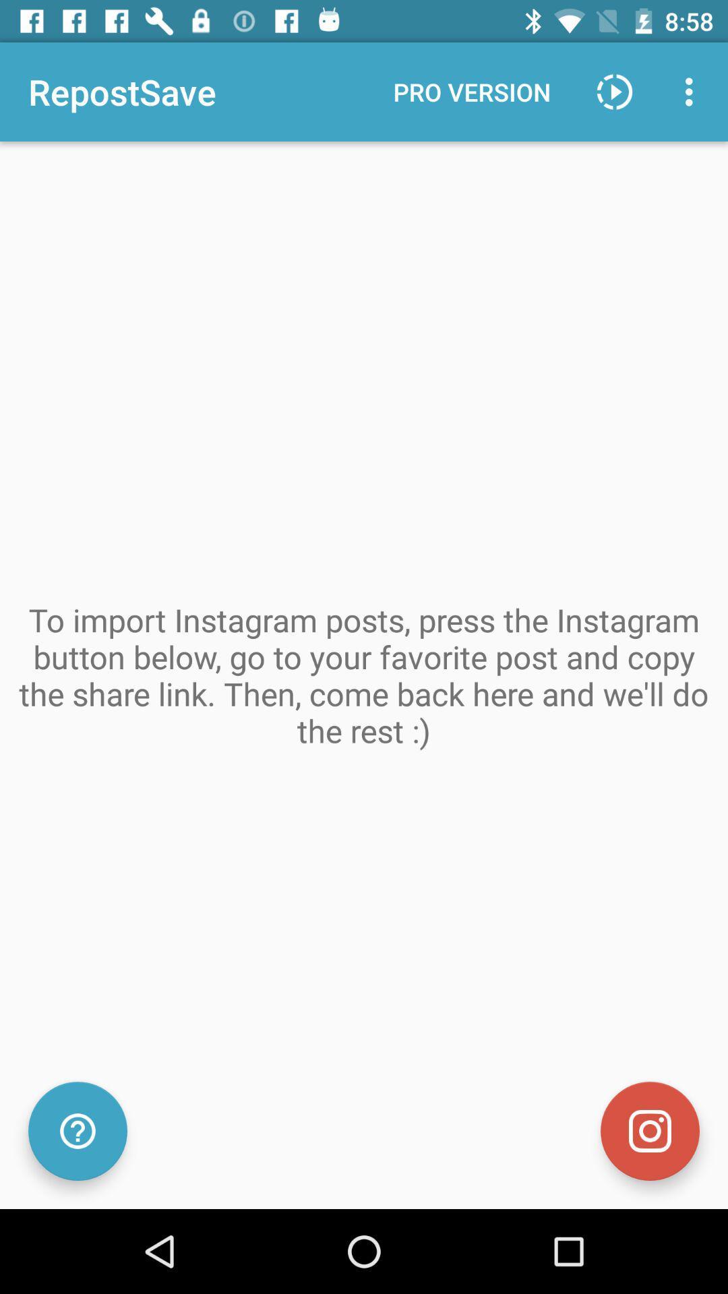  Describe the element at coordinates (78, 1131) in the screenshot. I see `the help icon` at that location.